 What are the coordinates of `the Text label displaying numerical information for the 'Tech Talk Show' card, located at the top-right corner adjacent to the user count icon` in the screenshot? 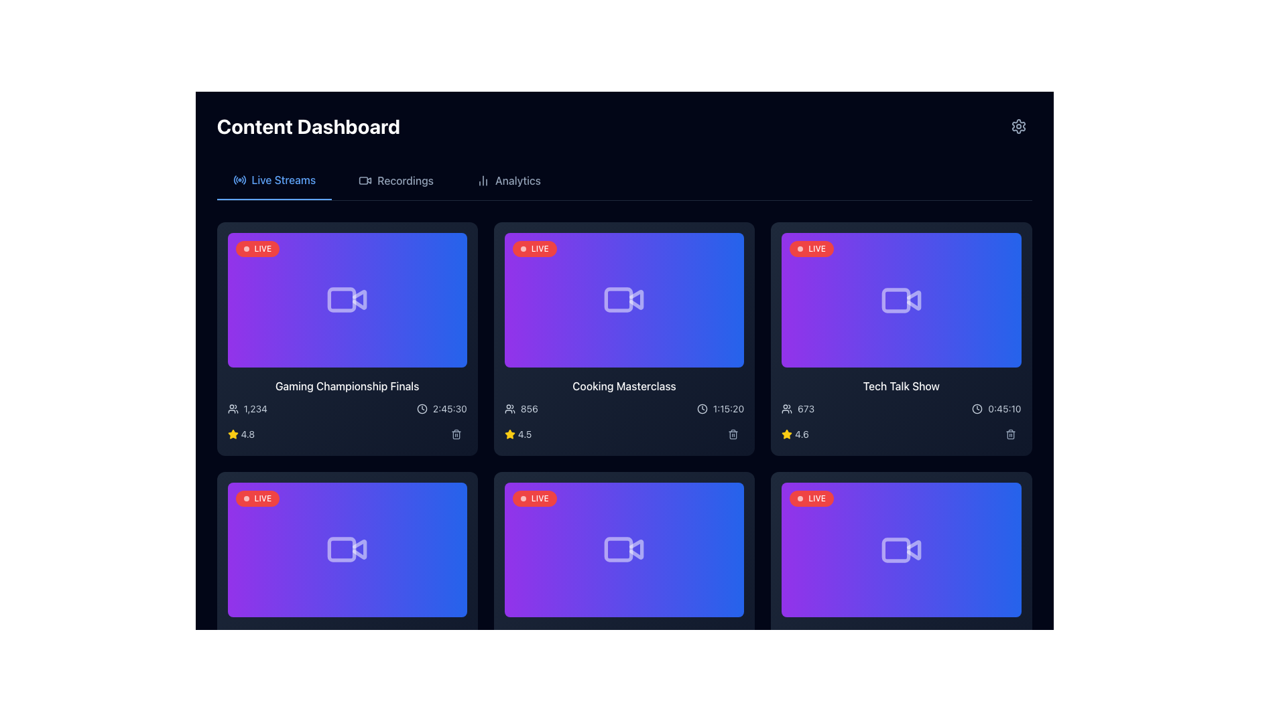 It's located at (805, 408).